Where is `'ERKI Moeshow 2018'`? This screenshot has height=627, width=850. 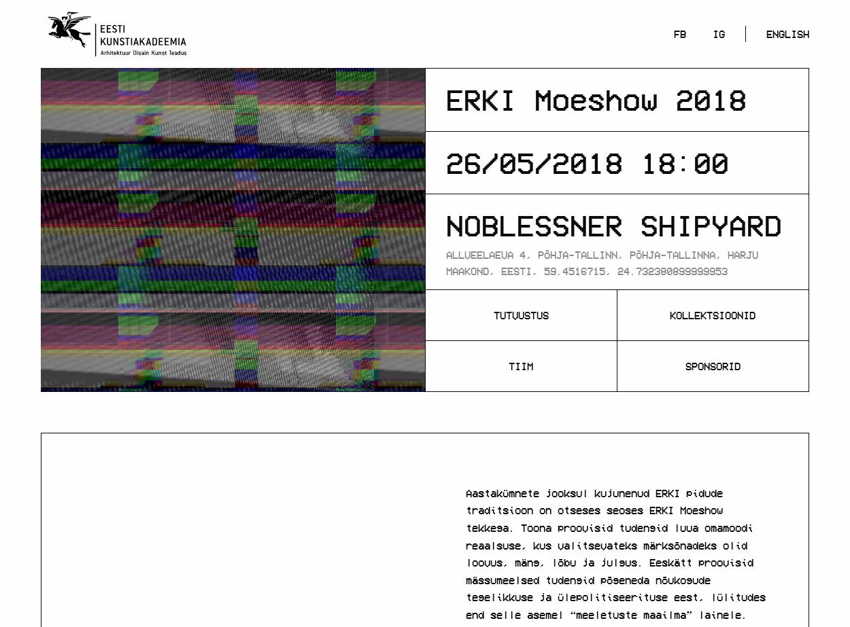
'ERKI Moeshow 2018' is located at coordinates (596, 99).